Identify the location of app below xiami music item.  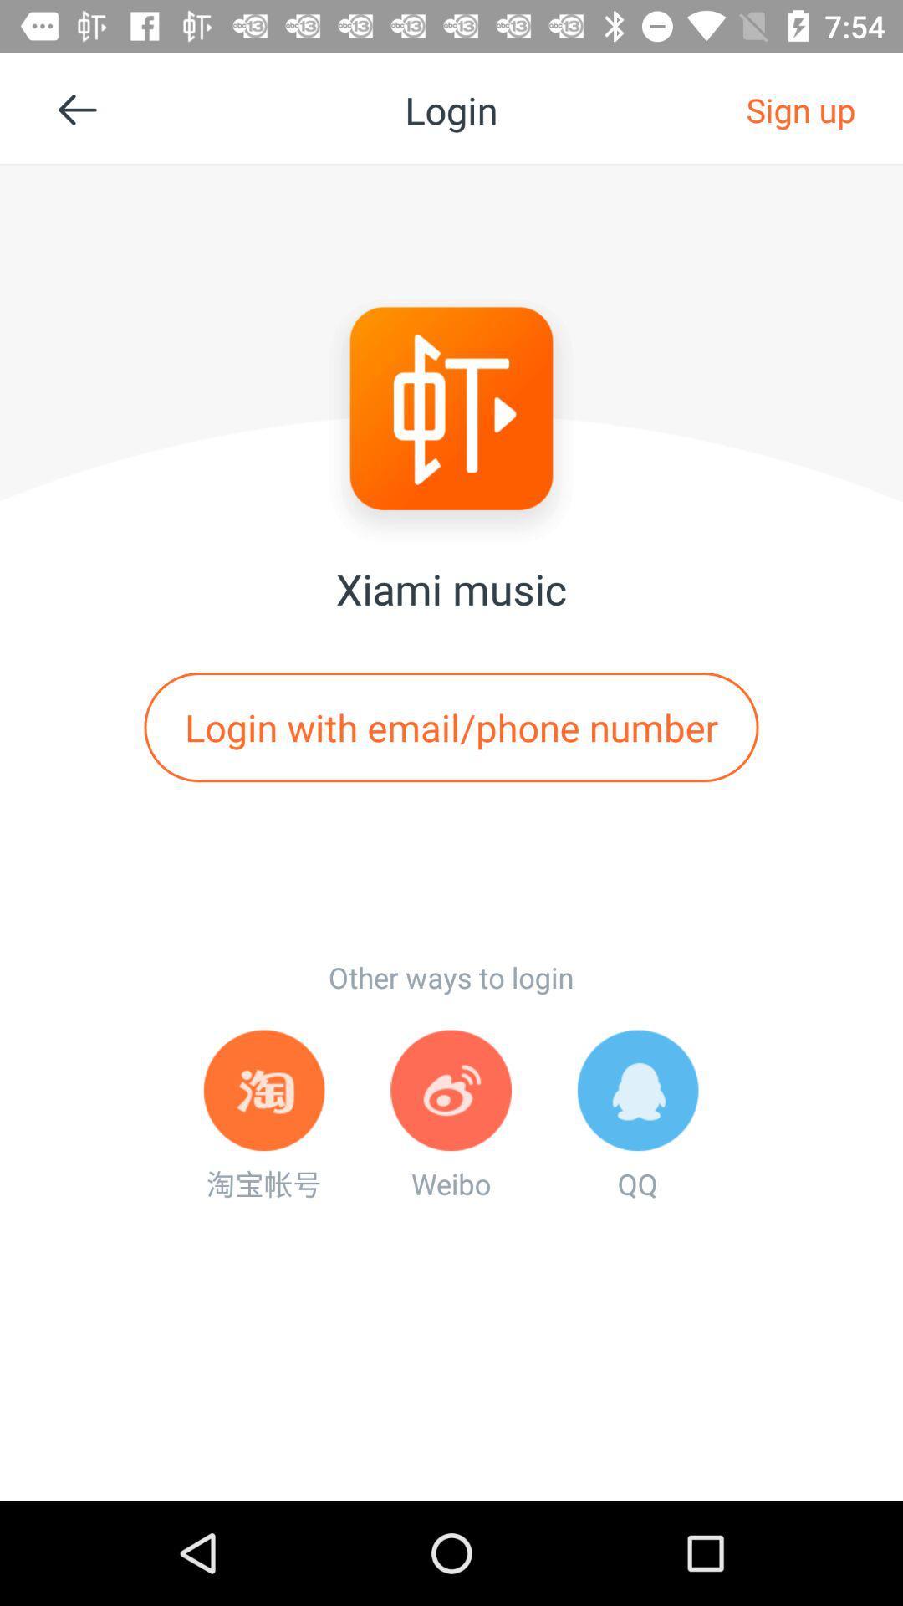
(451, 727).